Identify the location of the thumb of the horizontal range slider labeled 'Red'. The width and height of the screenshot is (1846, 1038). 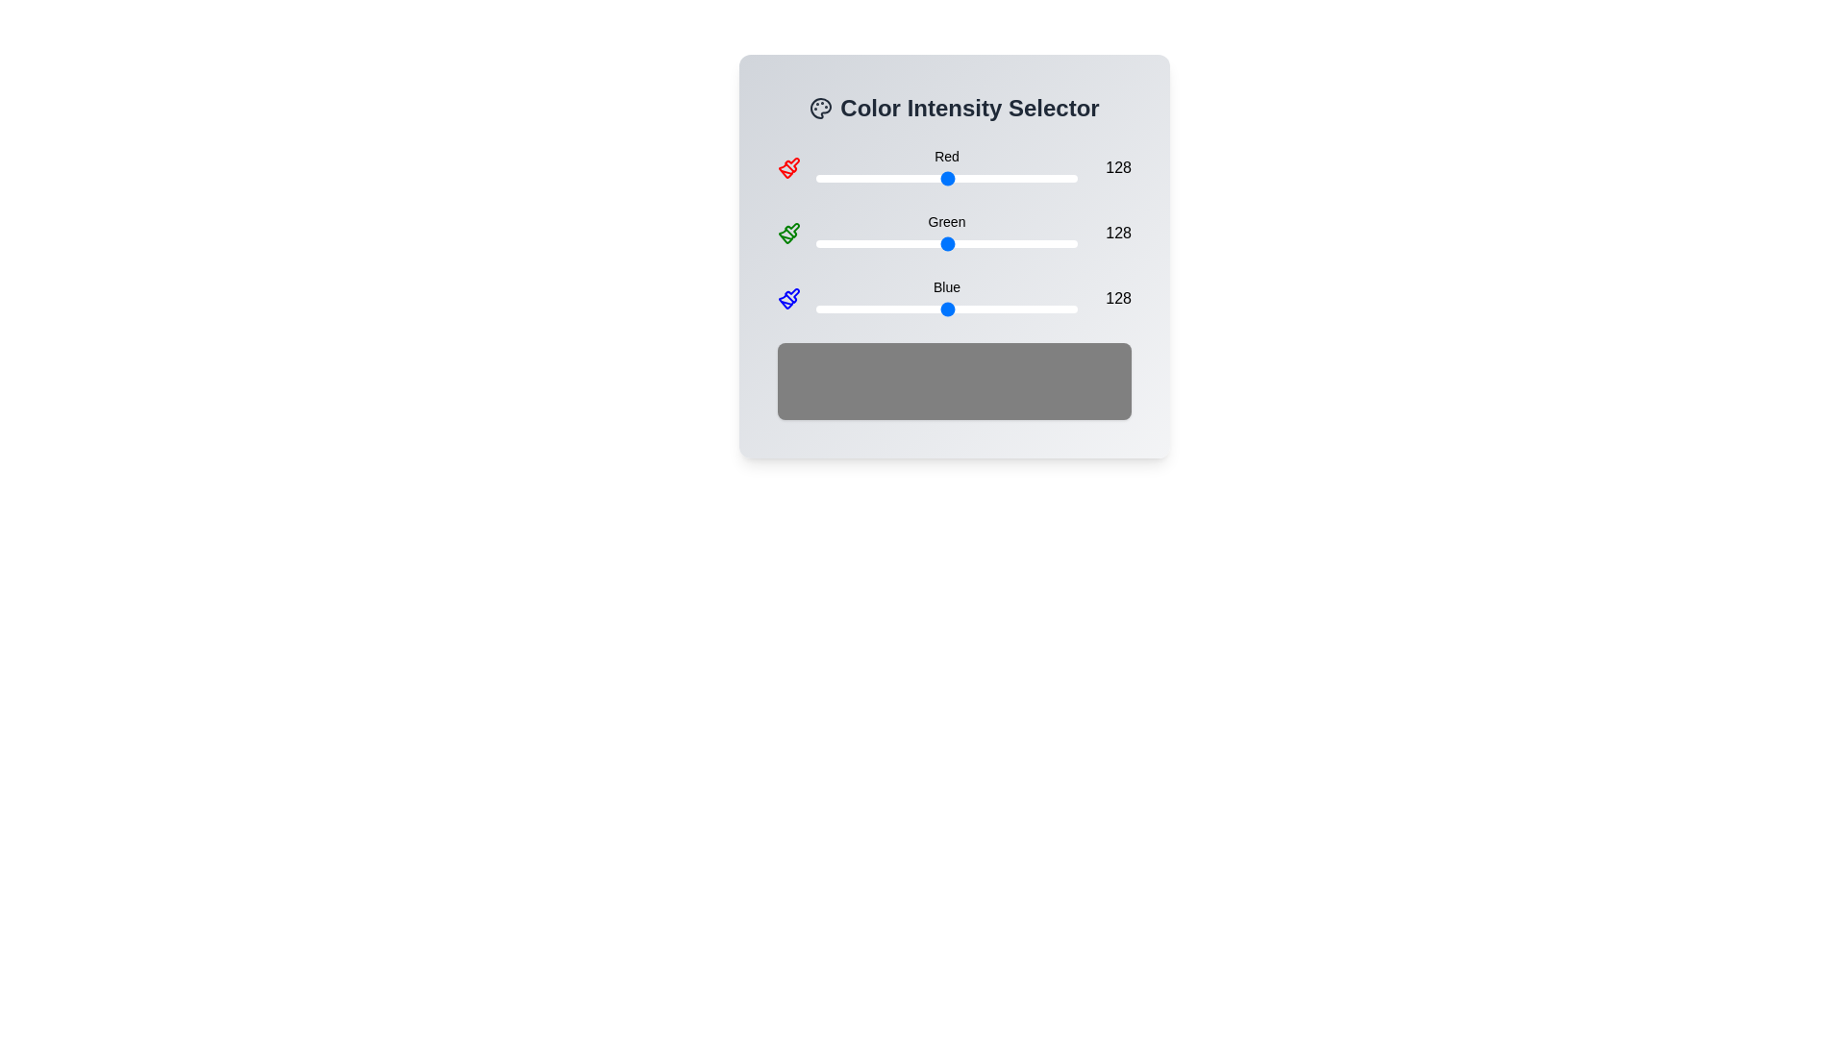
(946, 166).